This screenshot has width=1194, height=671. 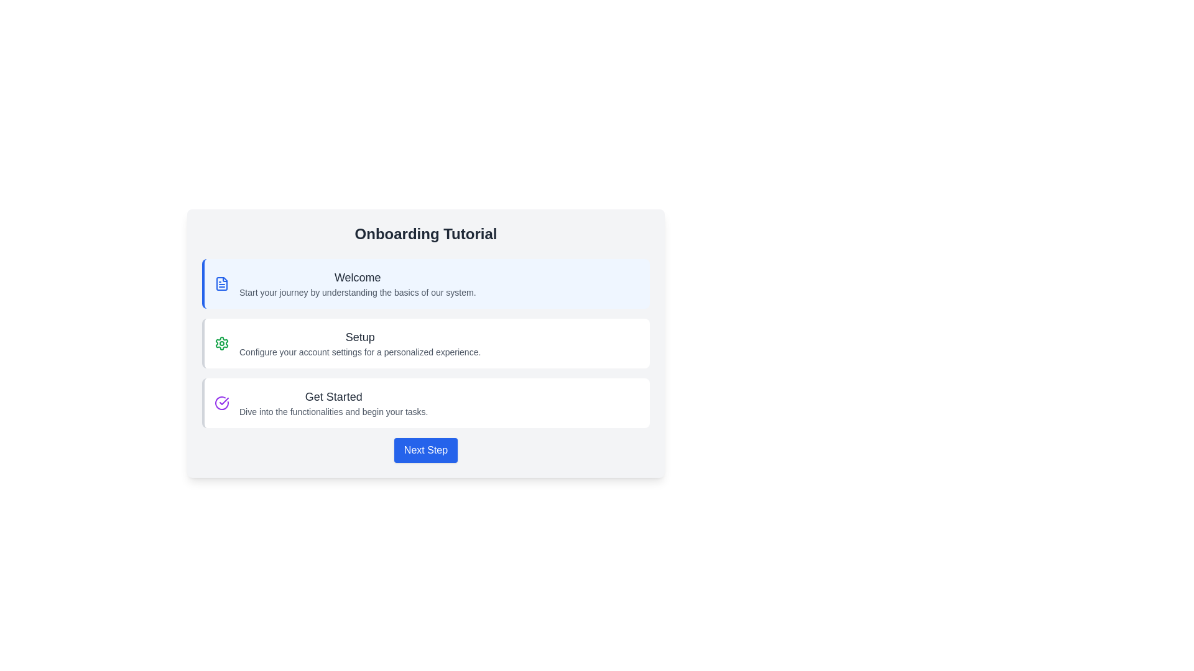 What do you see at coordinates (221, 283) in the screenshot?
I see `the 'Welcome' section indicator icon located in the first section row of the 'Onboarding Tutorial'` at bounding box center [221, 283].